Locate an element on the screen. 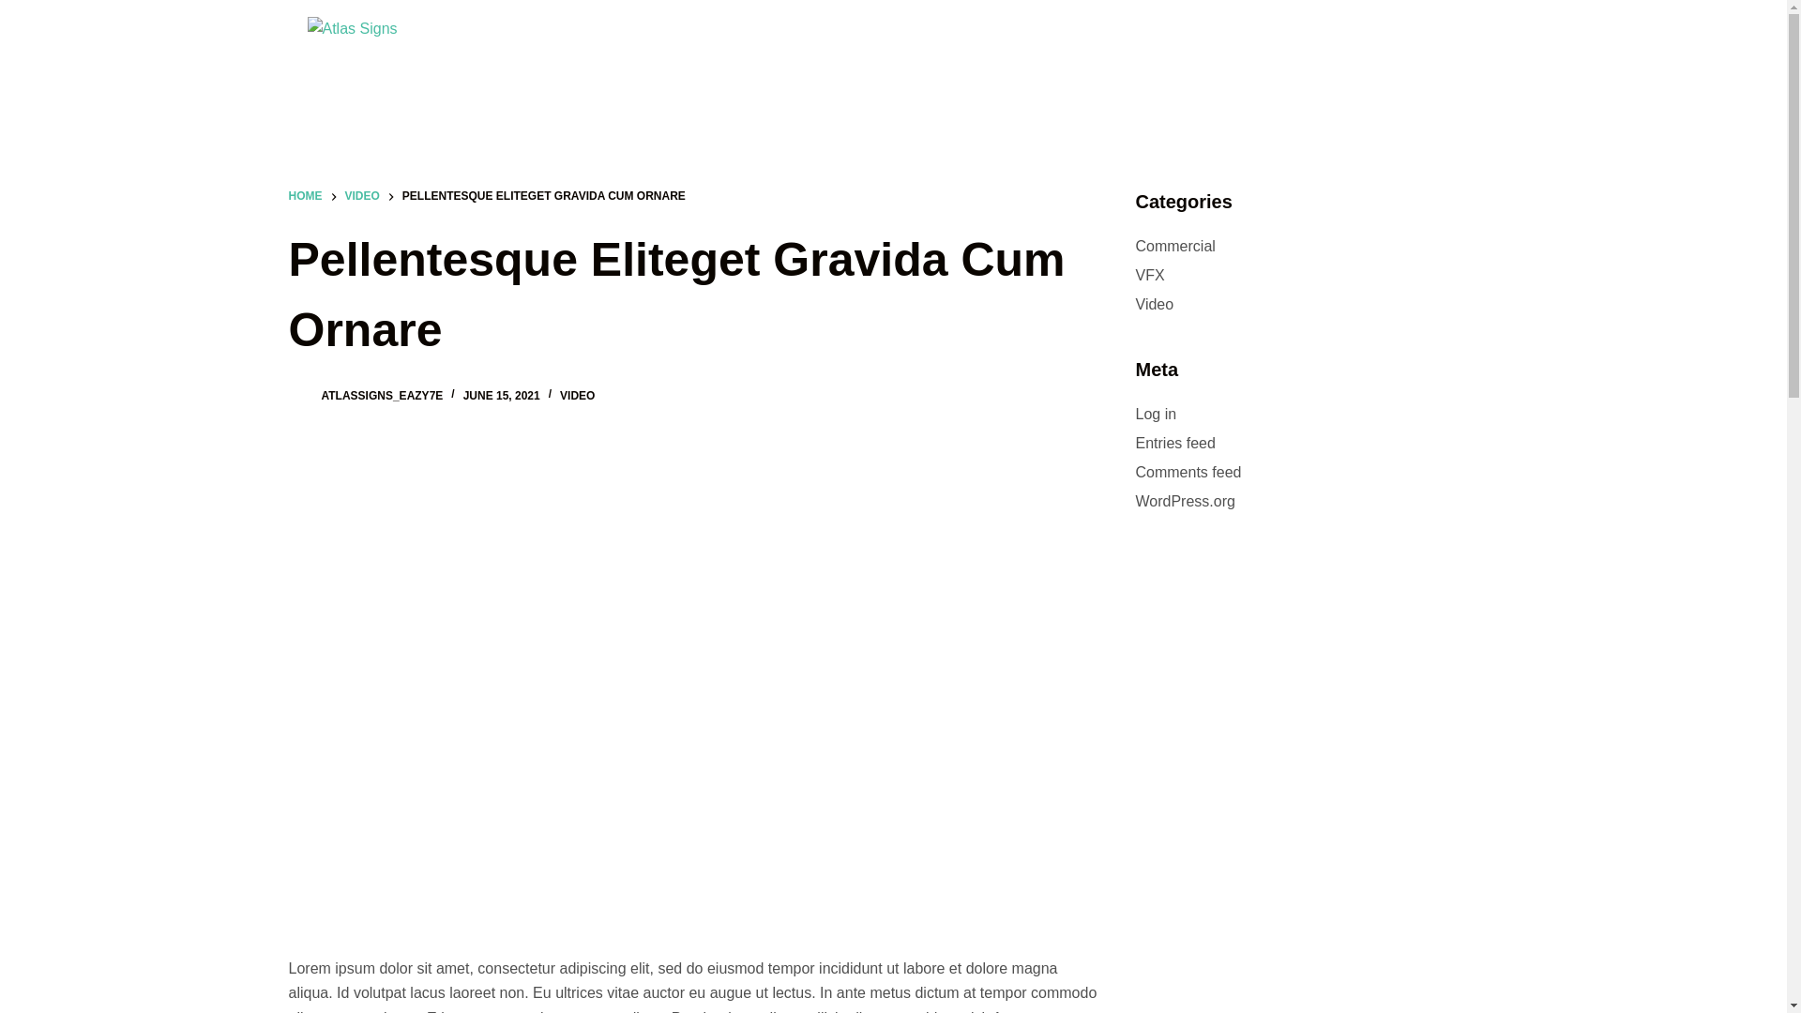  'VFX' is located at coordinates (1148, 275).